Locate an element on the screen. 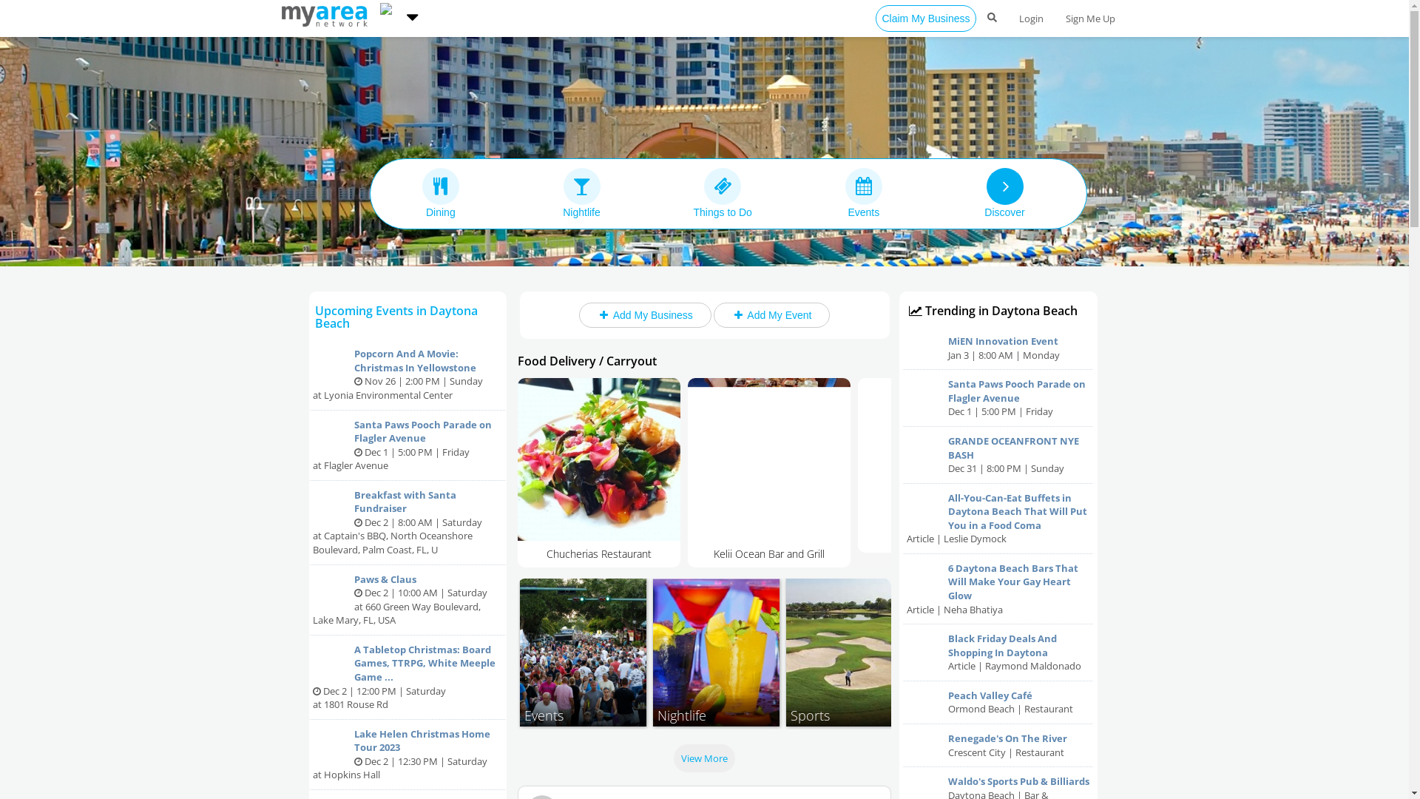 This screenshot has width=1420, height=799. 'MiEN Innovation Event is located at coordinates (998, 348).